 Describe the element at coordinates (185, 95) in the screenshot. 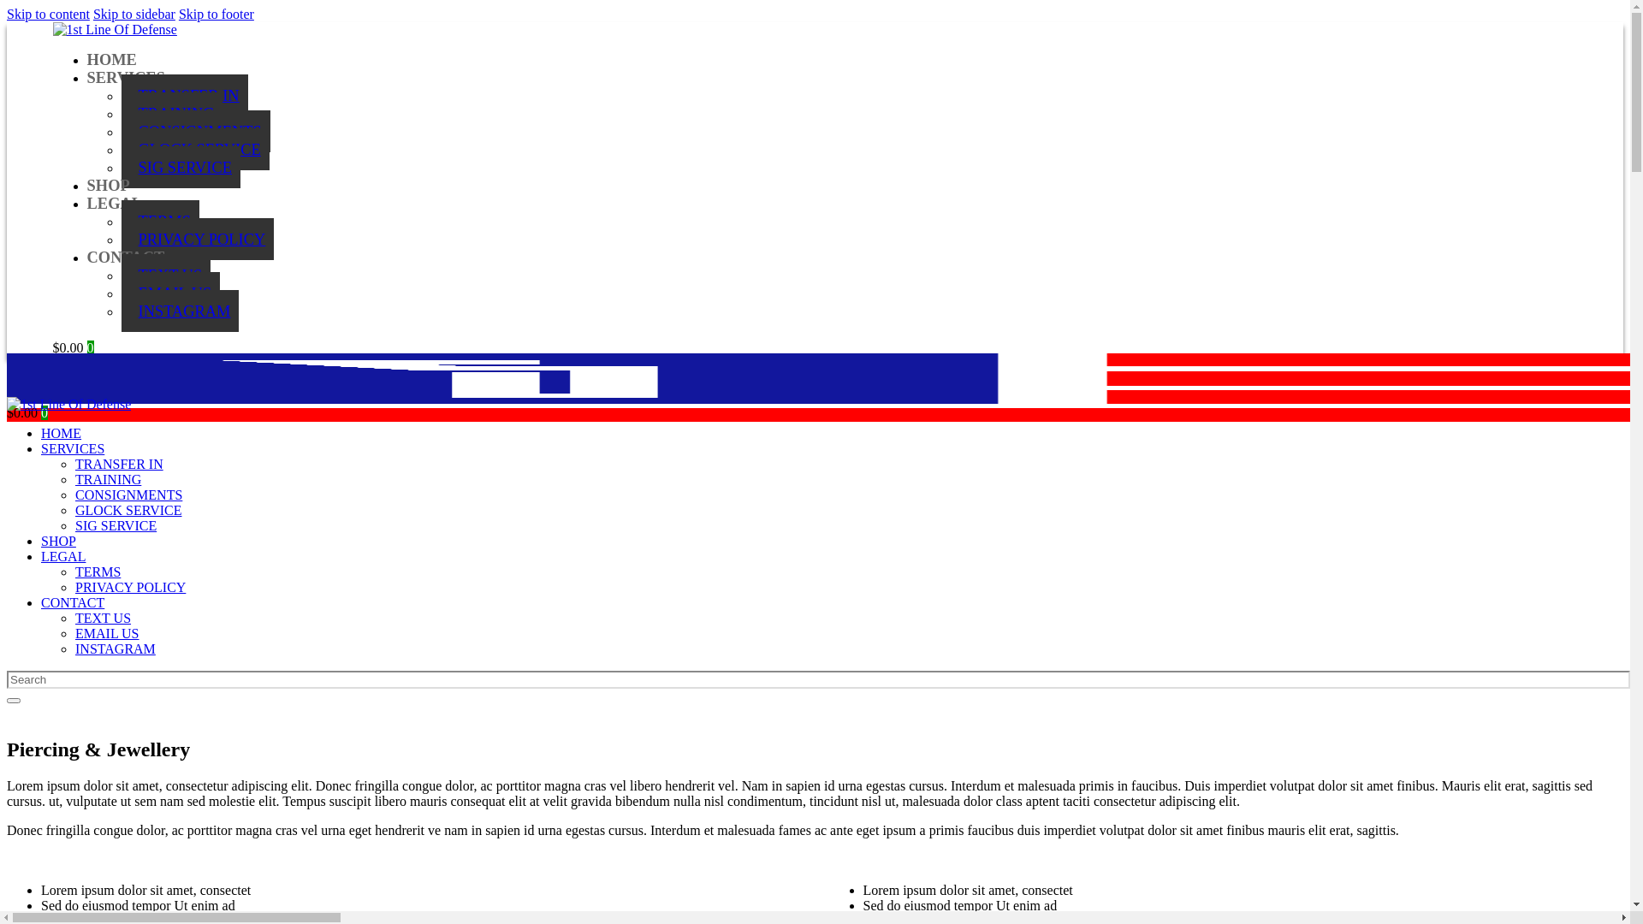

I see `'TRANSFER IN'` at that location.